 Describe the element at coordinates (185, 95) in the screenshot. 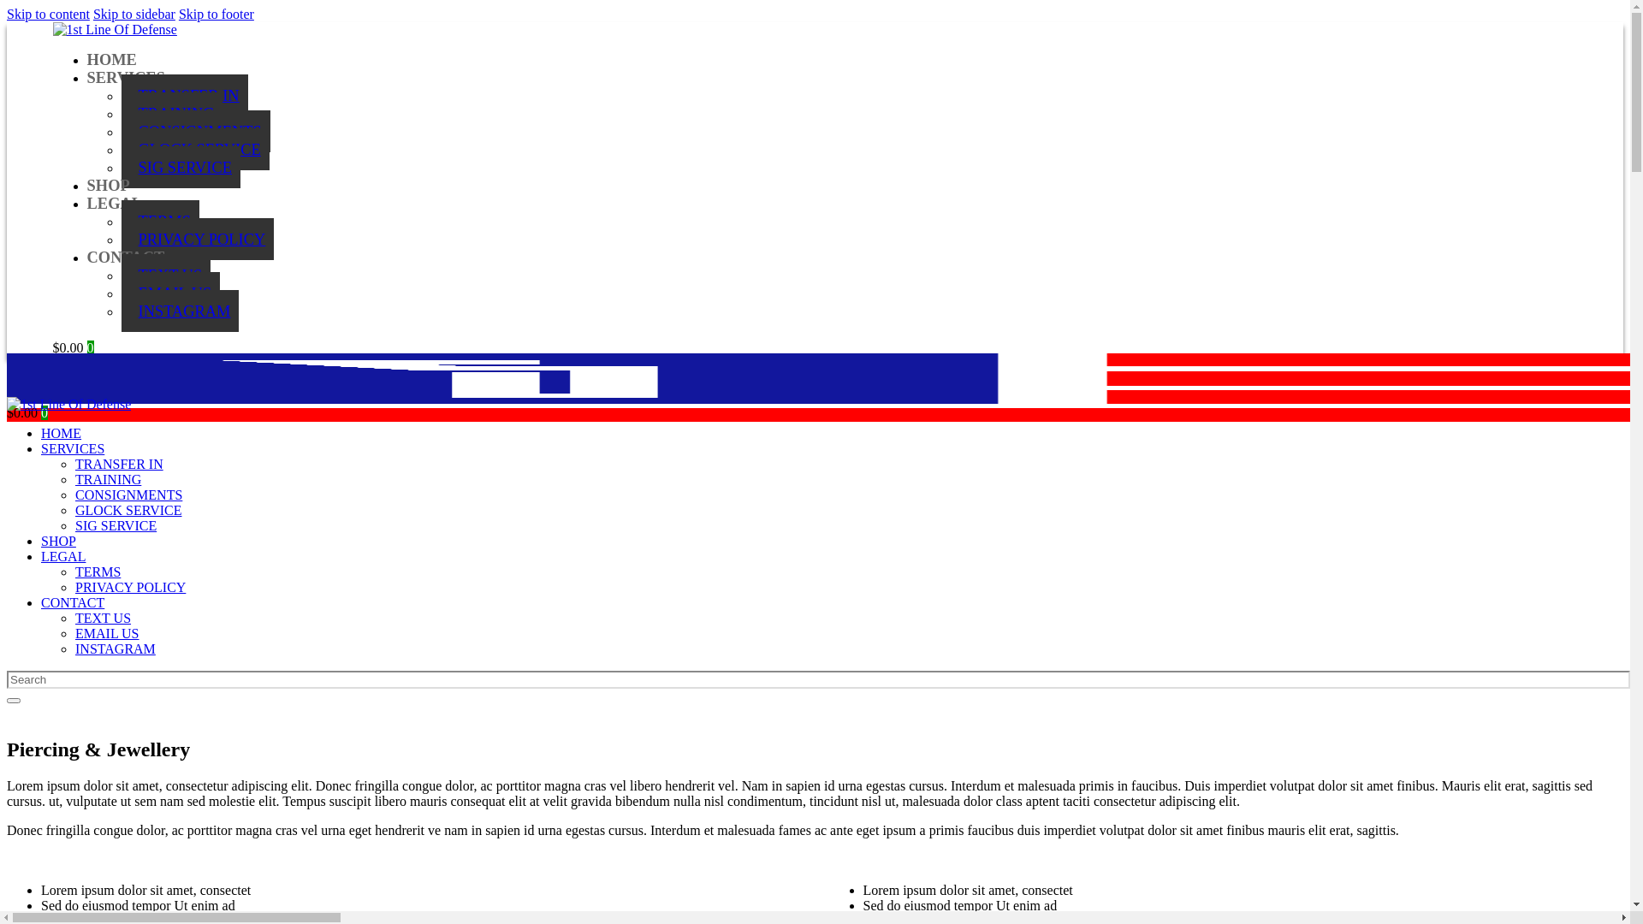

I see `'TRANSFER IN'` at that location.